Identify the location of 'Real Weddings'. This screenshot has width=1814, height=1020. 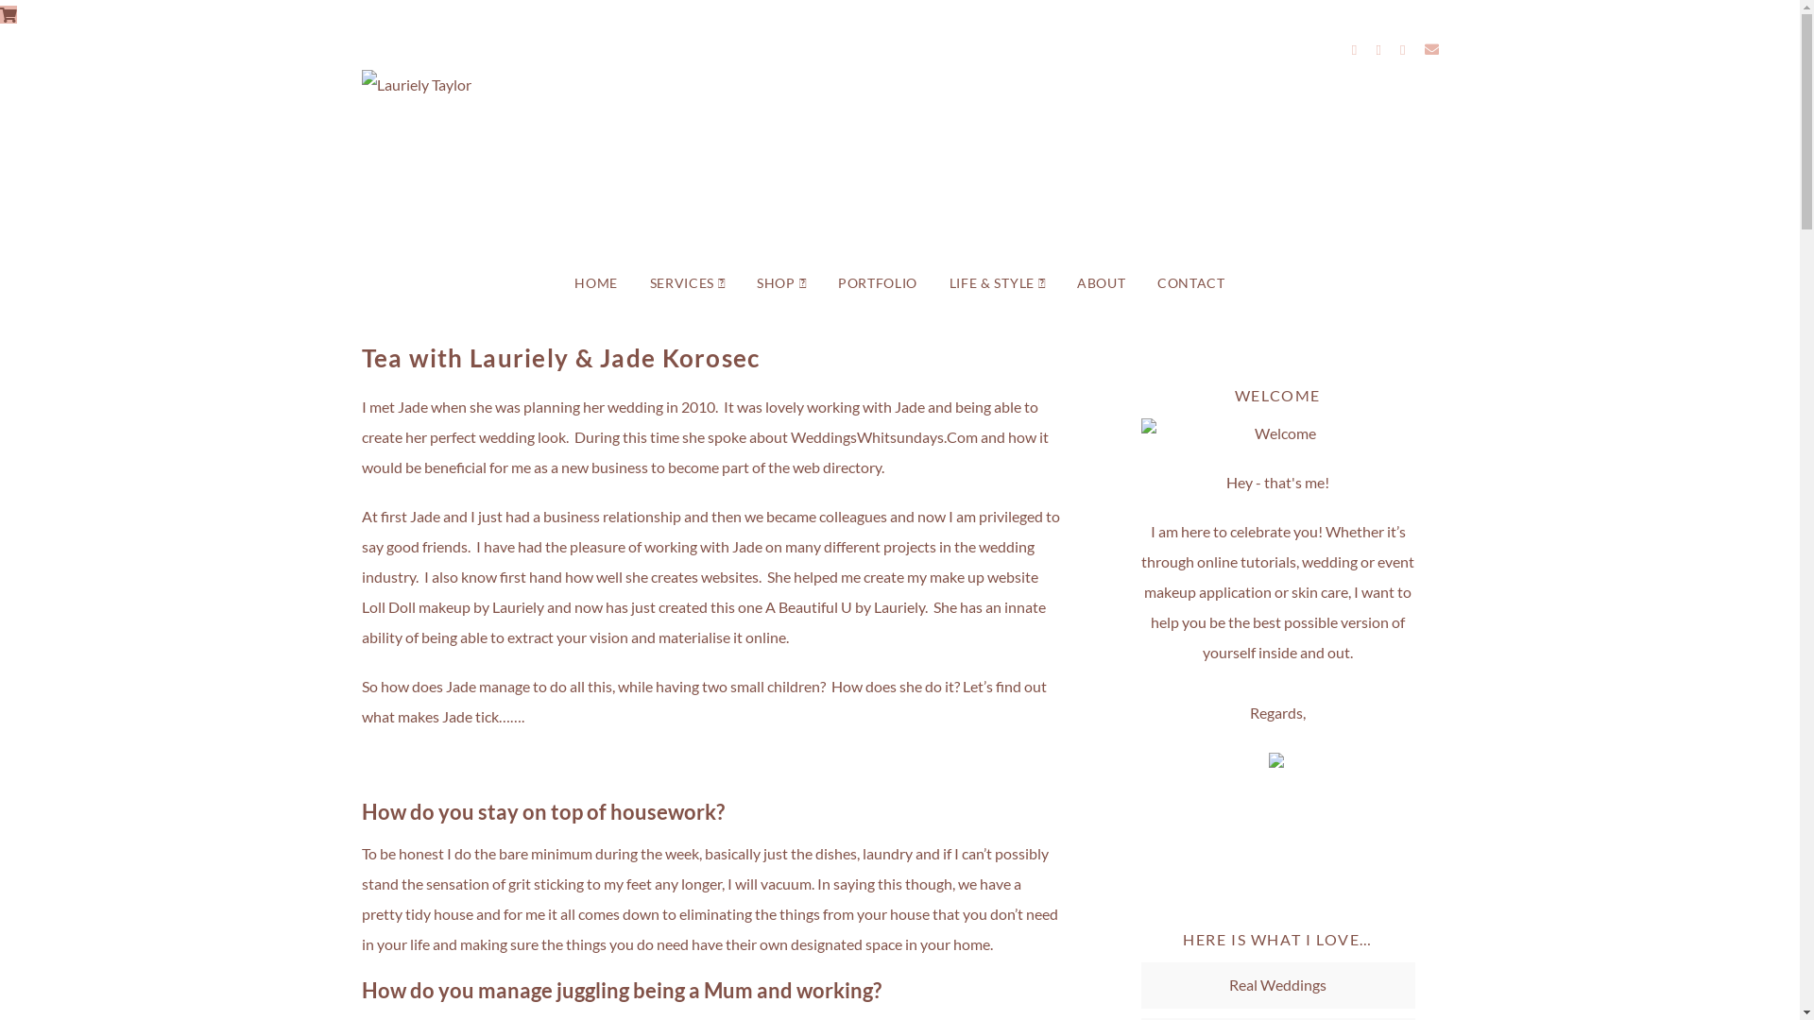
(1228, 983).